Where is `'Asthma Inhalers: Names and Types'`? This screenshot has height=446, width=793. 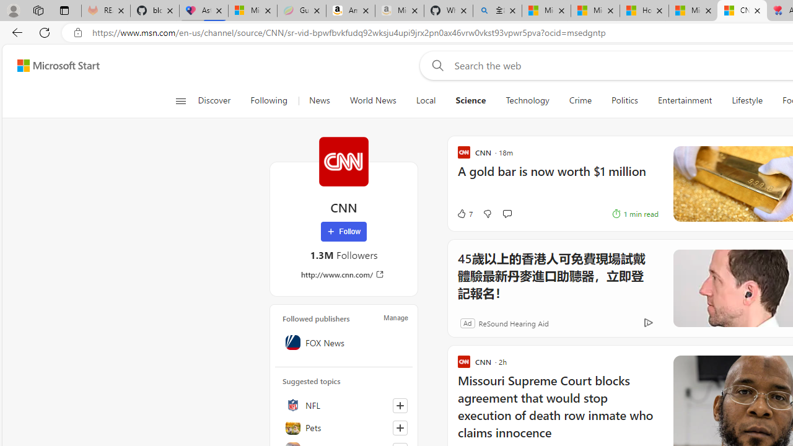
'Asthma Inhalers: Names and Types' is located at coordinates (204, 11).